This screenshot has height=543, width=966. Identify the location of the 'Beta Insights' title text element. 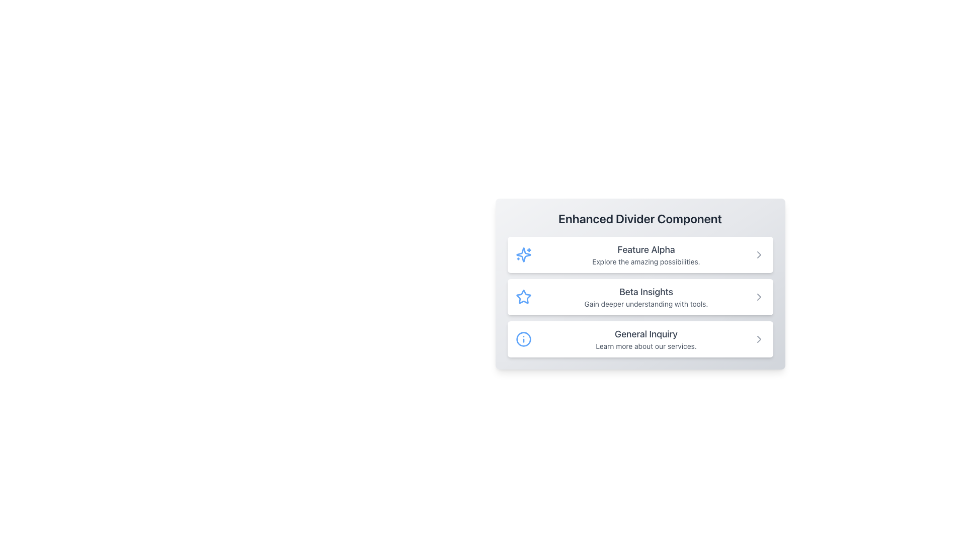
(646, 292).